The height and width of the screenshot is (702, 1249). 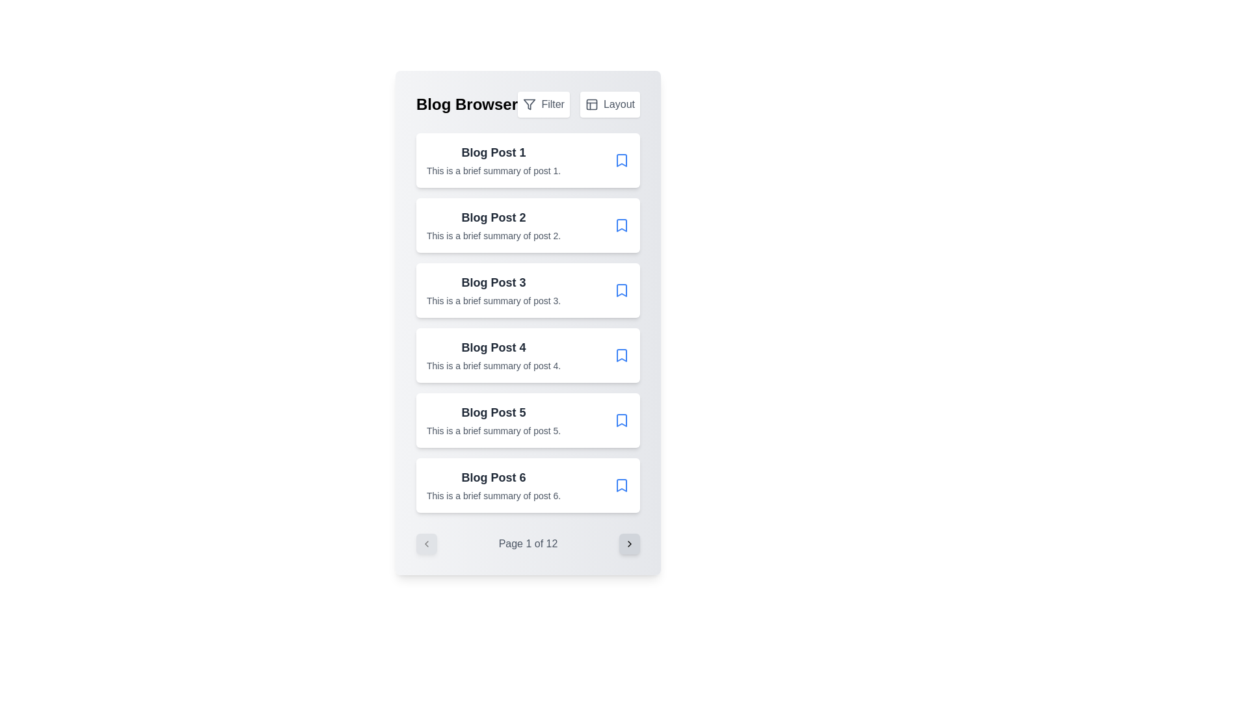 What do you see at coordinates (427, 544) in the screenshot?
I see `the circular button with a leftward chevron located at the bottom left of the pagination section` at bounding box center [427, 544].